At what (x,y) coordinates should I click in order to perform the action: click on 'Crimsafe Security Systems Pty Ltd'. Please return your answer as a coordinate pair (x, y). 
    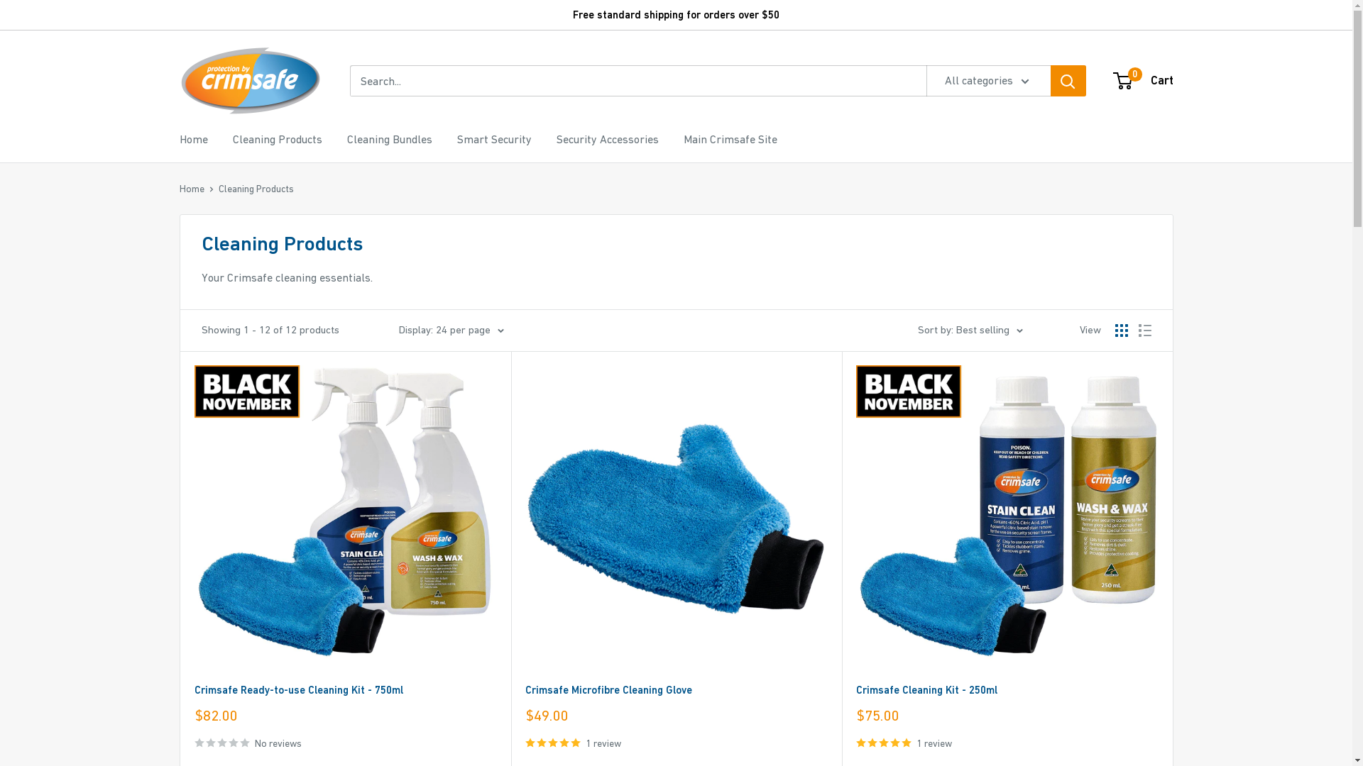
    Looking at the image, I should click on (249, 81).